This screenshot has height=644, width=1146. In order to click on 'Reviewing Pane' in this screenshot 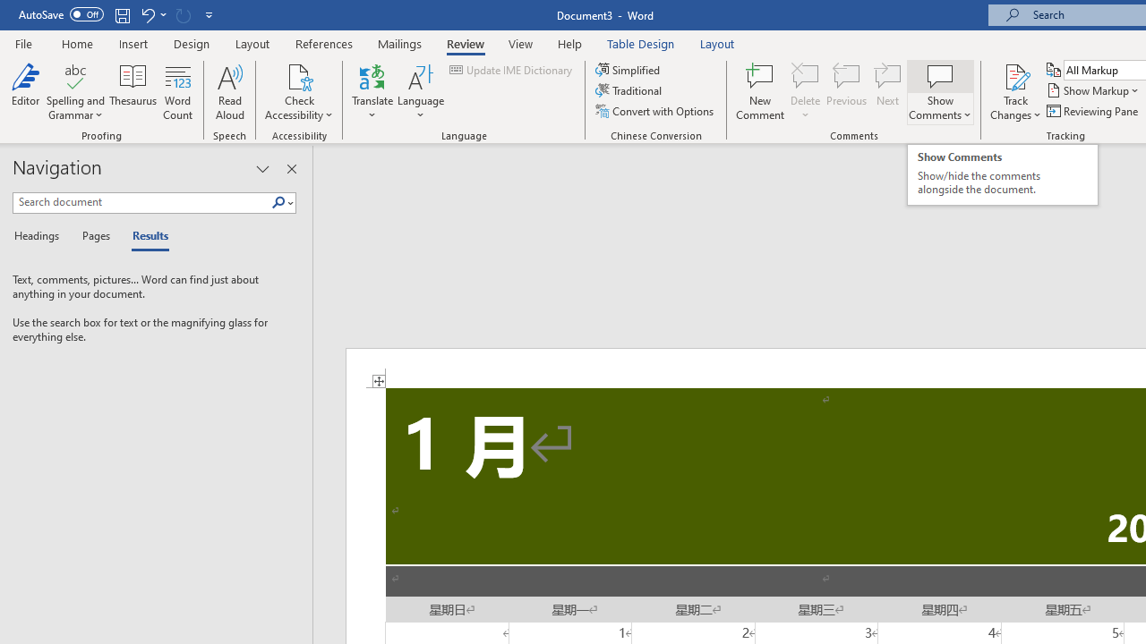, I will do `click(1092, 111)`.